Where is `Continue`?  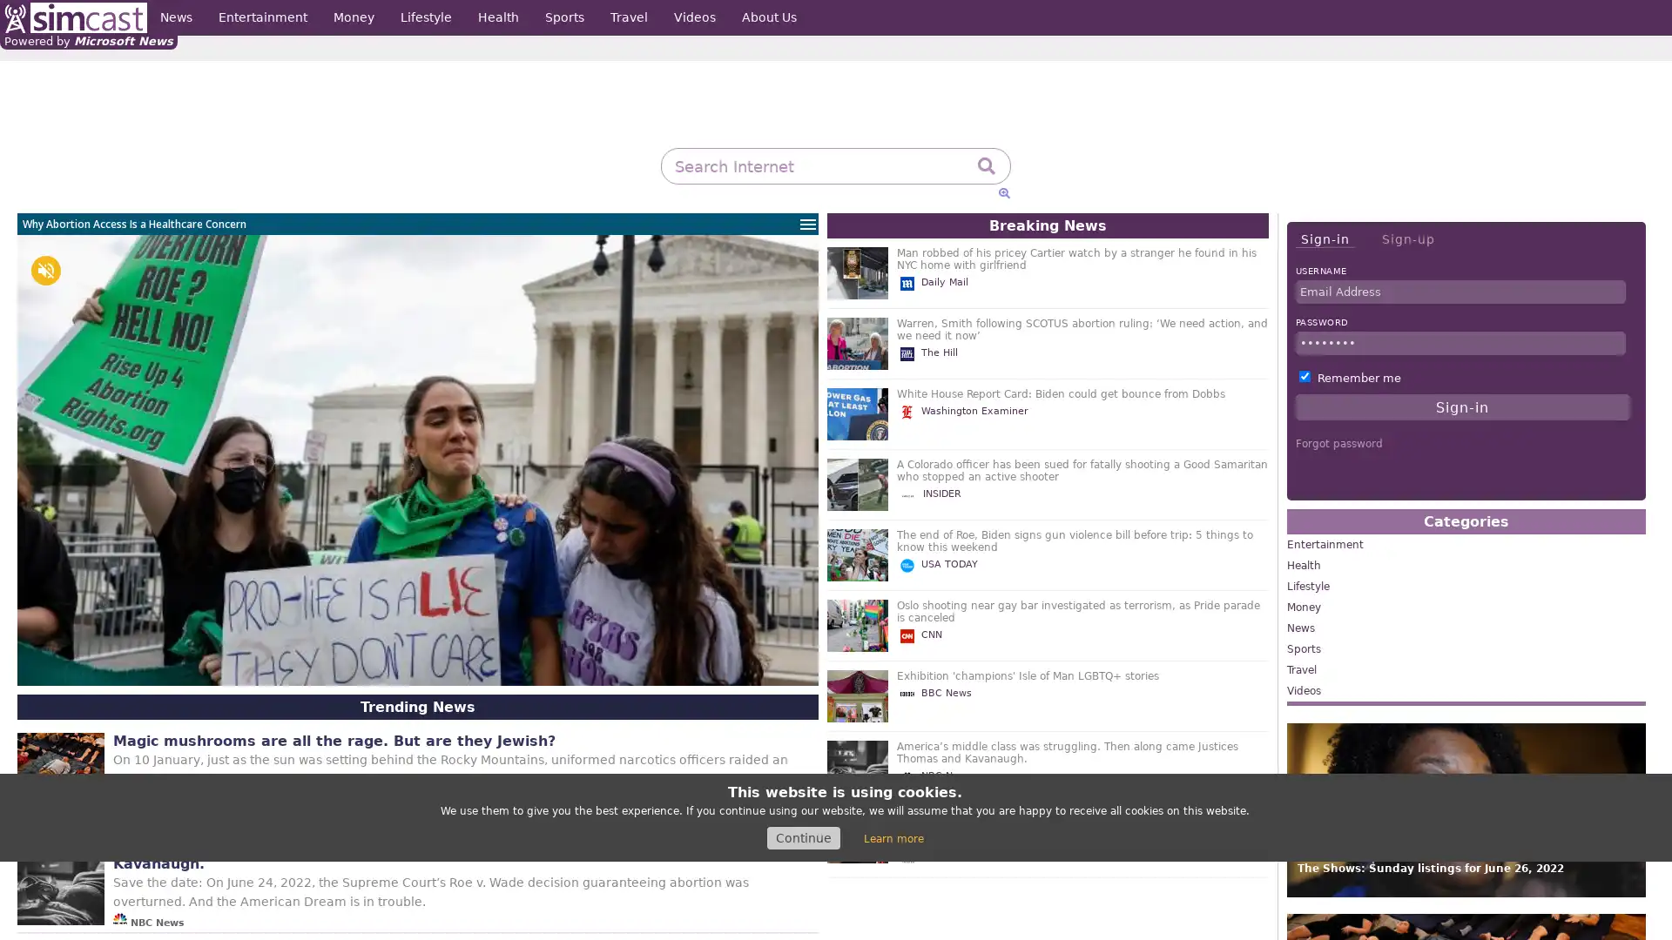 Continue is located at coordinates (802, 837).